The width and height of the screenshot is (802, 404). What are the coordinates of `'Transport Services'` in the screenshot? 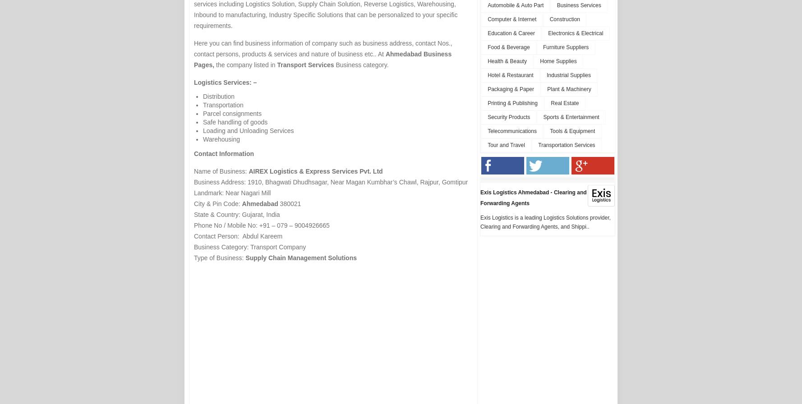 It's located at (305, 64).